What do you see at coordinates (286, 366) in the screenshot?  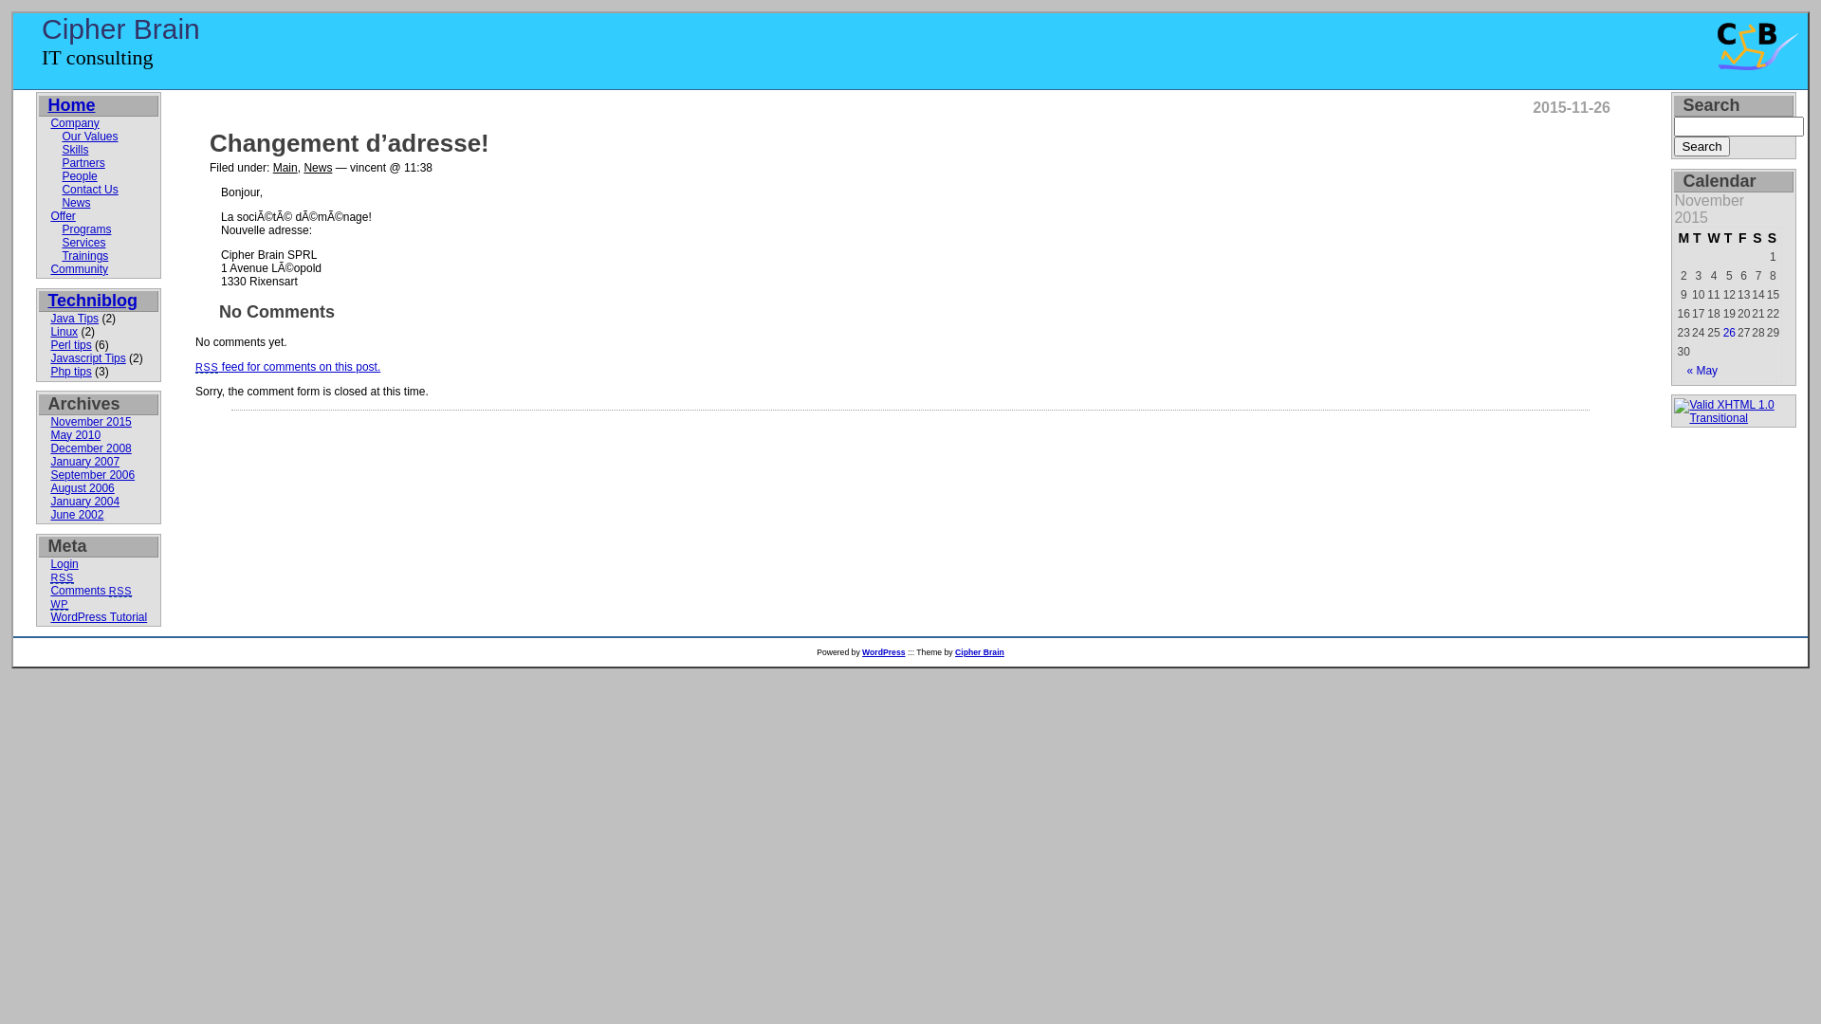 I see `'RSS feed for comments on this post.'` at bounding box center [286, 366].